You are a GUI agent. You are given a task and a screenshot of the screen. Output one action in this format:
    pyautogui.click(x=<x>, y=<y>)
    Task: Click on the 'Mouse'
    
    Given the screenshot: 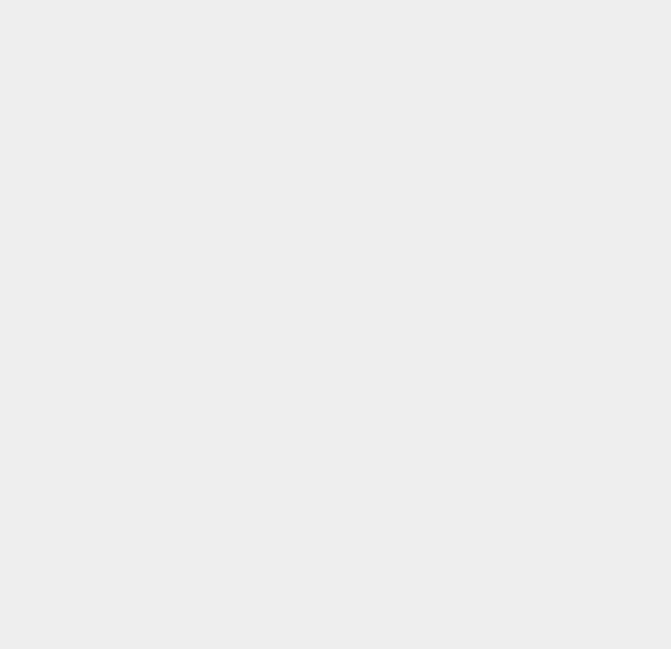 What is the action you would take?
    pyautogui.click(x=487, y=254)
    